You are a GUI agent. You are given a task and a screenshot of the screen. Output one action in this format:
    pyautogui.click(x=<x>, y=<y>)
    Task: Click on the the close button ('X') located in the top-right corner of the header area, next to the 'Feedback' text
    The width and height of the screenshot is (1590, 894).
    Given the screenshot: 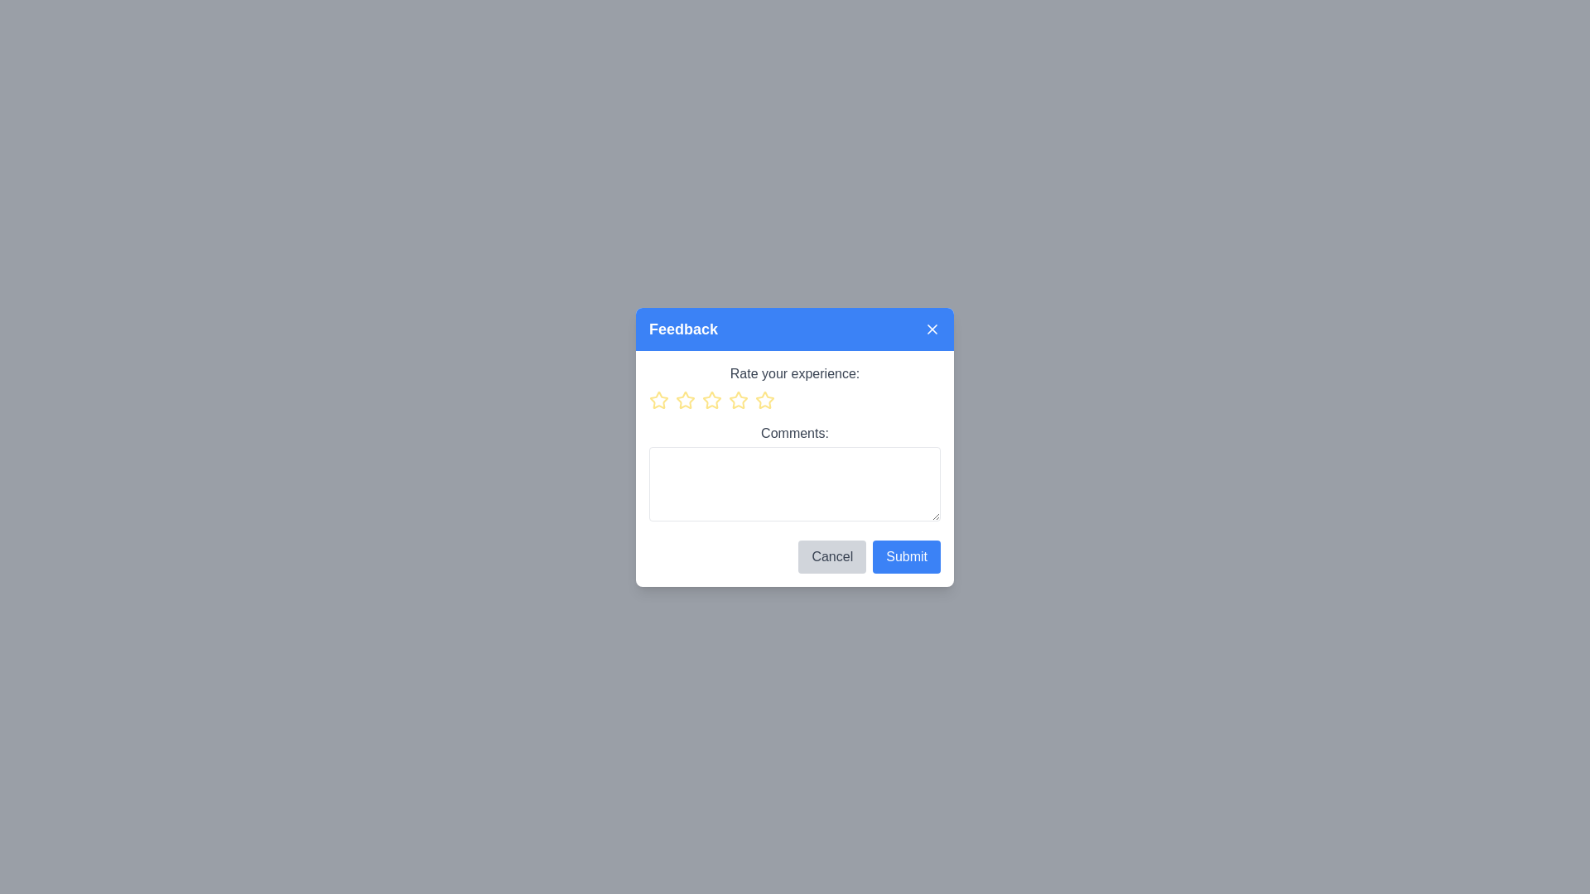 What is the action you would take?
    pyautogui.click(x=932, y=329)
    